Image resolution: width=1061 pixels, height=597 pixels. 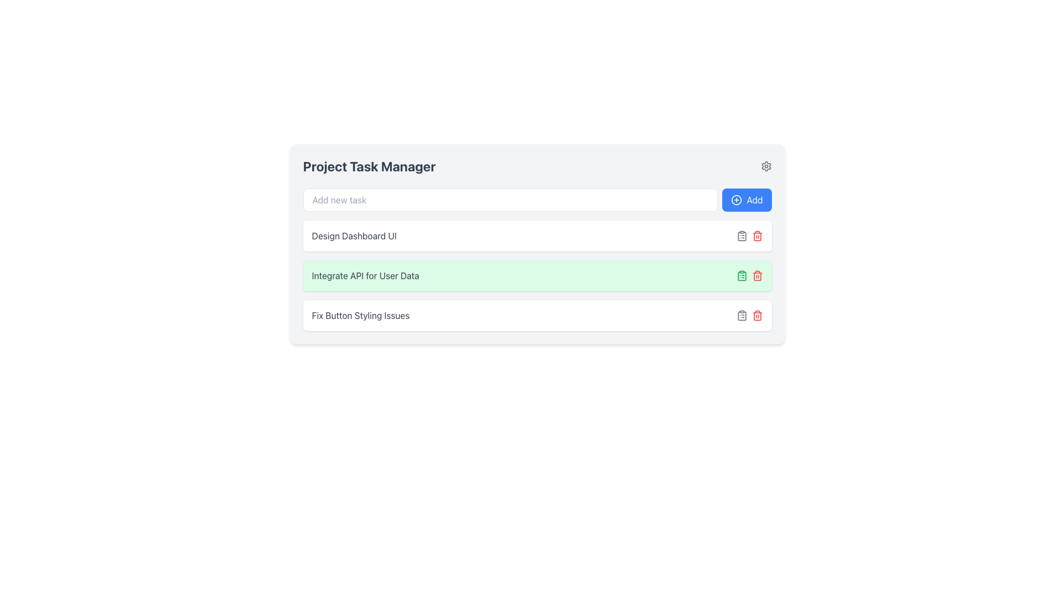 What do you see at coordinates (747, 200) in the screenshot?
I see `the button for adding tasks, which is positioned to the right of the 'Add new task' input field` at bounding box center [747, 200].